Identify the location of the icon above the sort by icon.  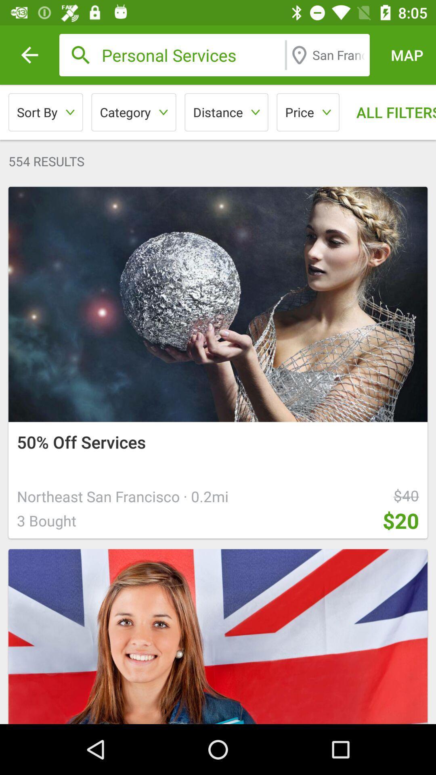
(29, 54).